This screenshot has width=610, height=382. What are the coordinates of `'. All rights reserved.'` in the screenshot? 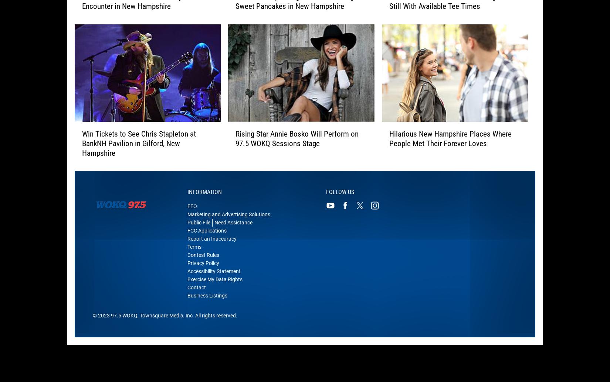 It's located at (214, 320).